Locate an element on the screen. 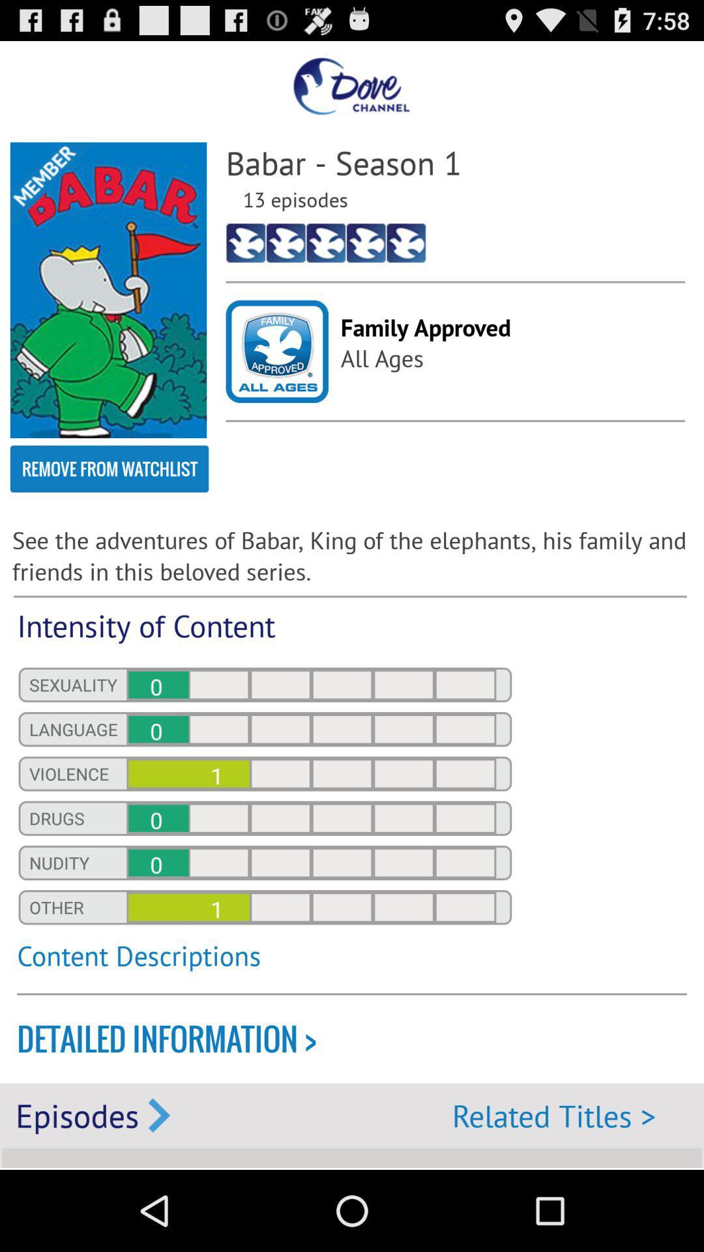  icon to the left of the babar - season 1 icon is located at coordinates (108, 290).